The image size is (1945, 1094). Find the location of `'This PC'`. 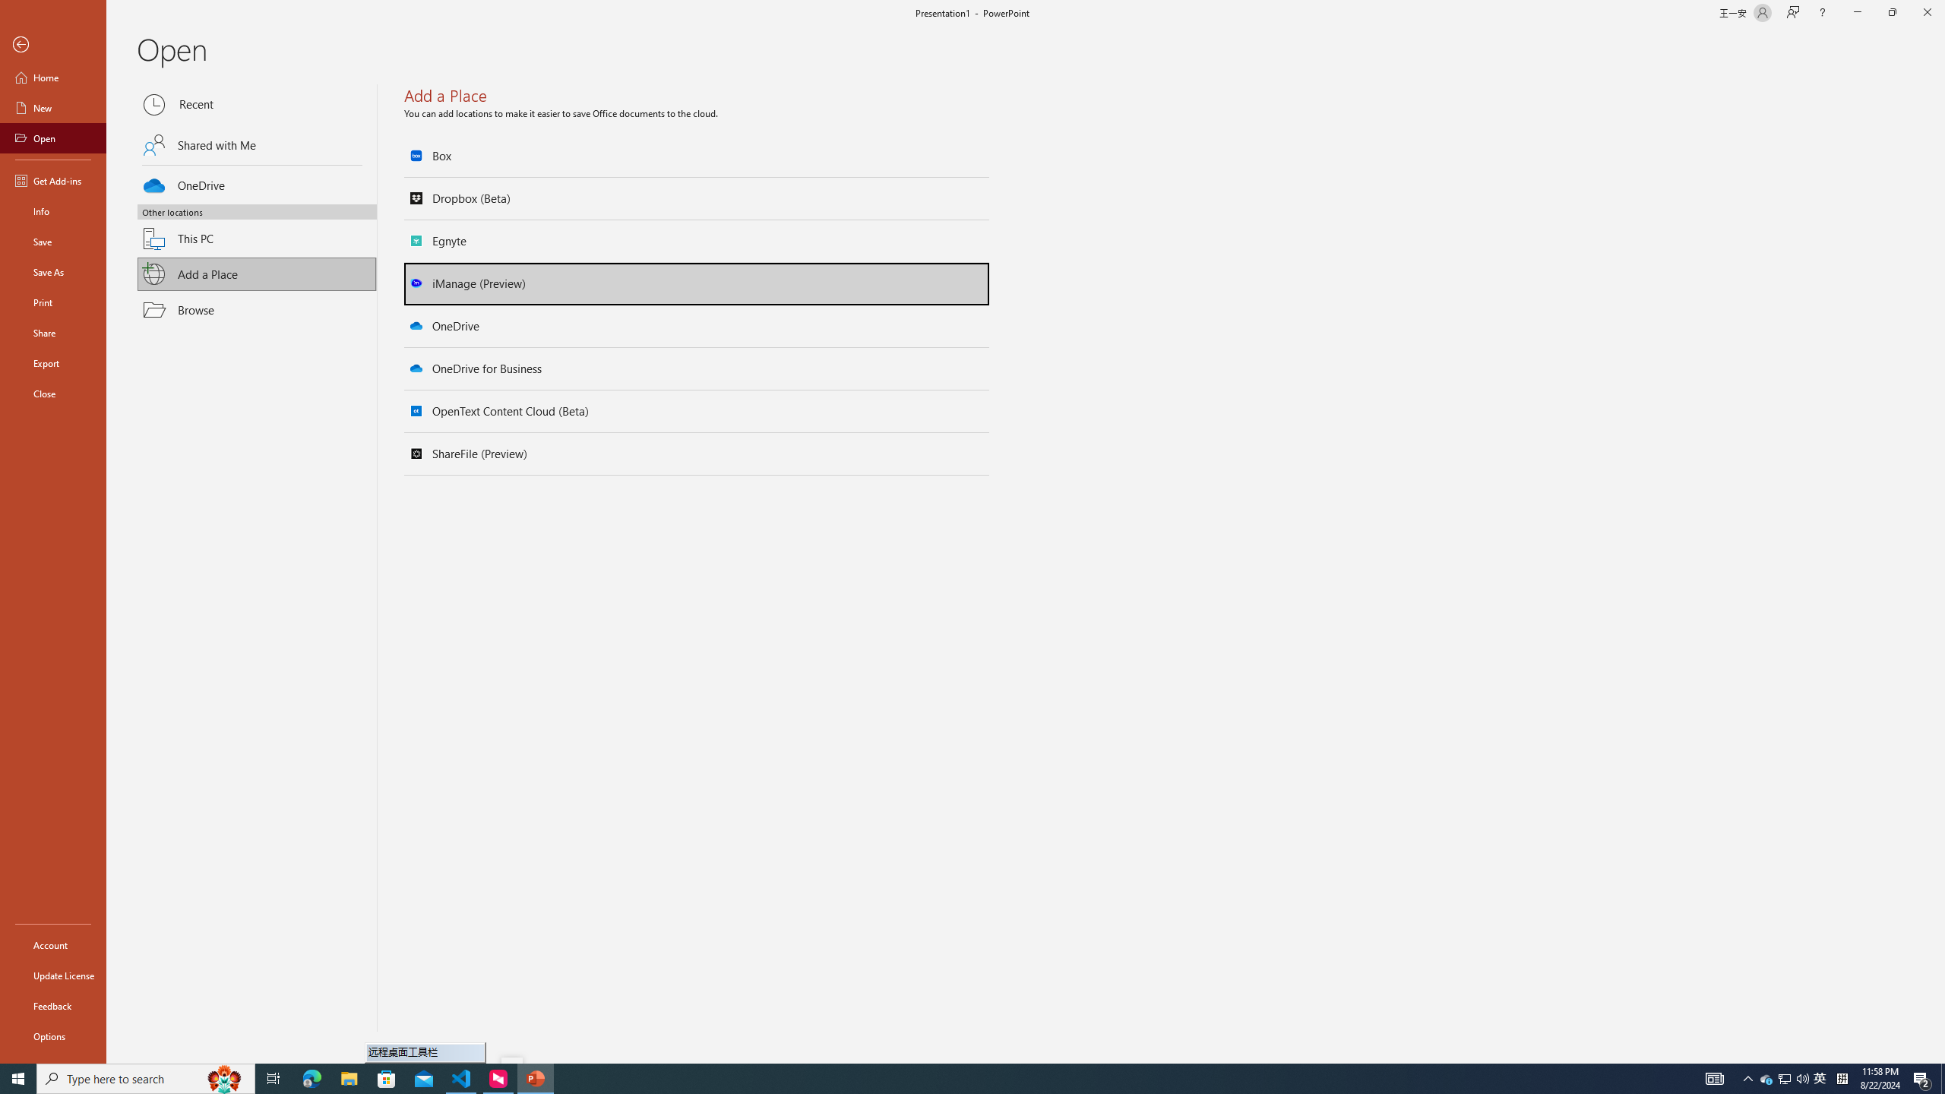

'This PC' is located at coordinates (257, 229).